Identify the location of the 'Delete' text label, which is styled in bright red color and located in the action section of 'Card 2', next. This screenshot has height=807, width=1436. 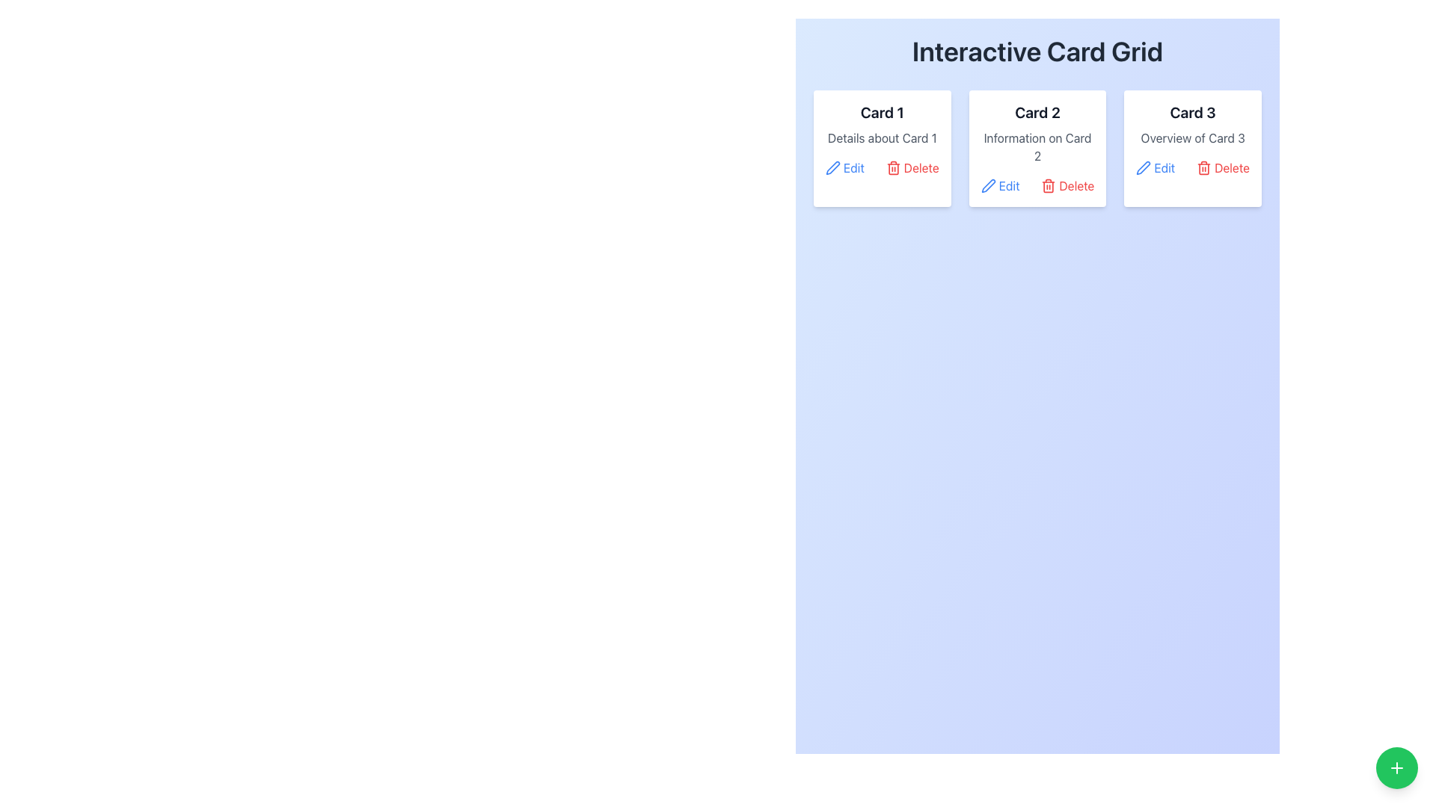
(1076, 185).